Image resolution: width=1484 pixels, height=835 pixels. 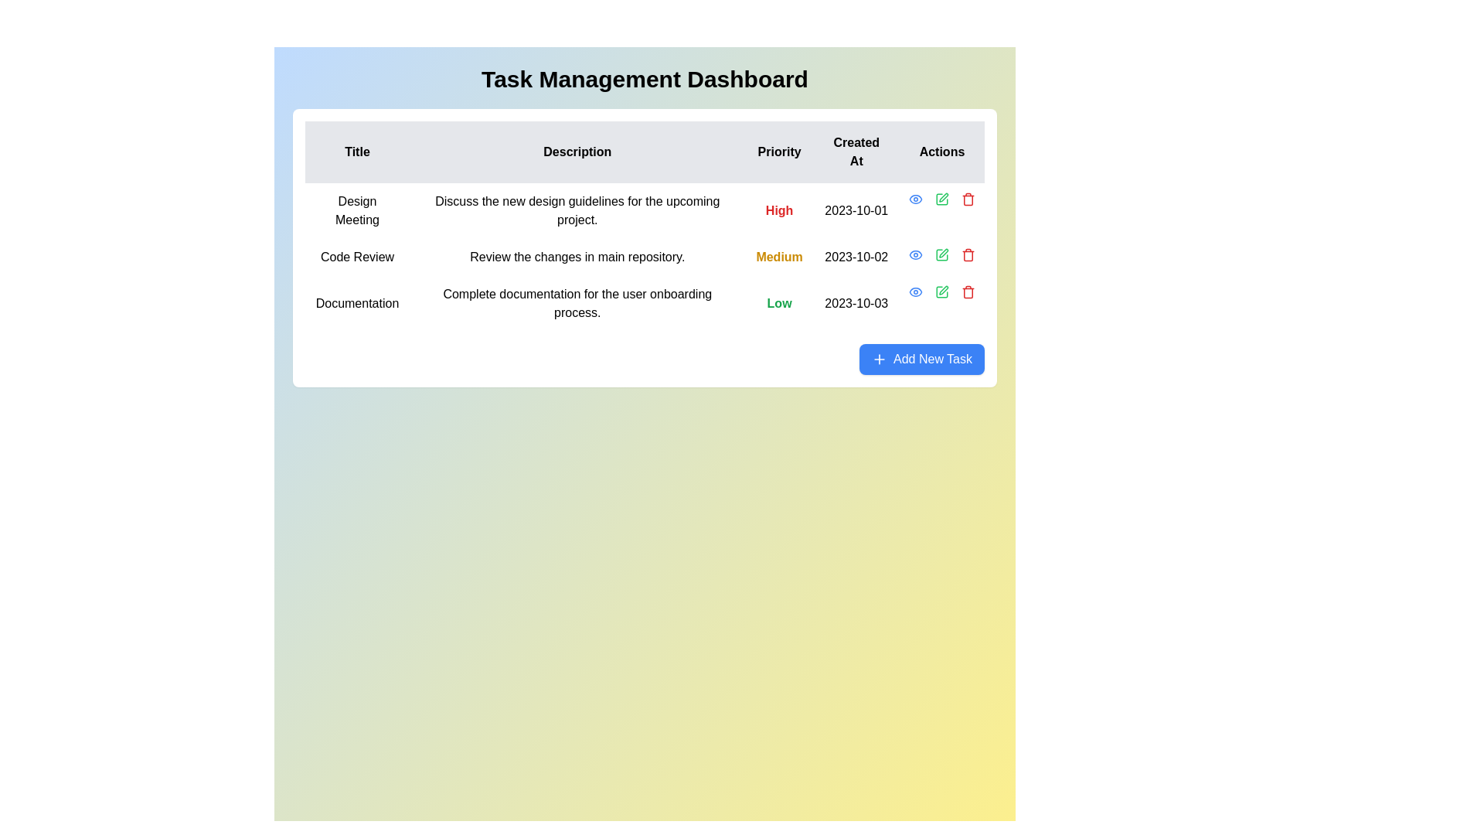 What do you see at coordinates (943, 290) in the screenshot?
I see `the editing icon in the Actions column of the third row labeled 'Documentation' in the task management table` at bounding box center [943, 290].